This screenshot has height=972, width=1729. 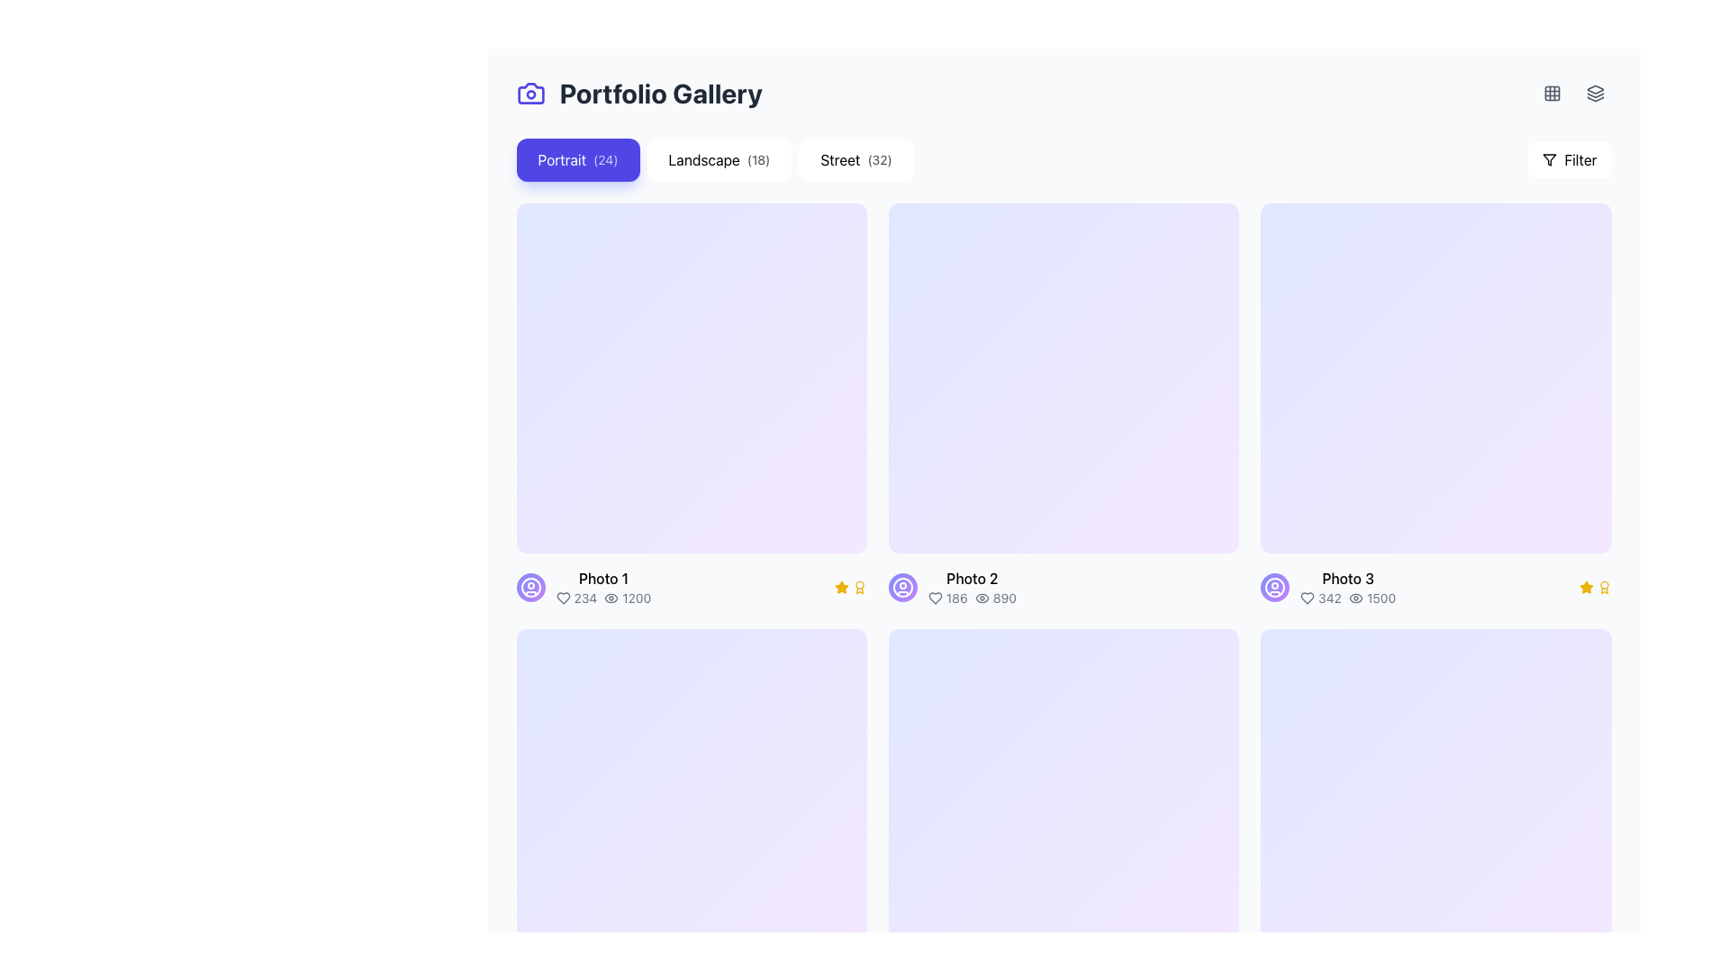 What do you see at coordinates (971, 579) in the screenshot?
I see `the title label for the second photo in the gallery grid, which is positioned directly beneath the placeholder image for 'Photo 2'` at bounding box center [971, 579].